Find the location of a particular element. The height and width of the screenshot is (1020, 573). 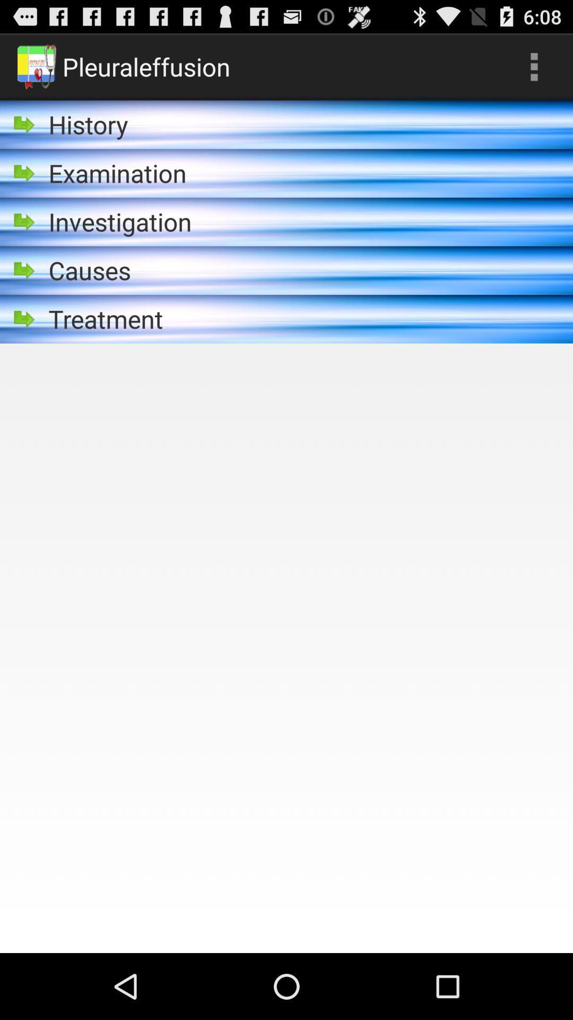

icon left side of examination is located at coordinates (24, 173).